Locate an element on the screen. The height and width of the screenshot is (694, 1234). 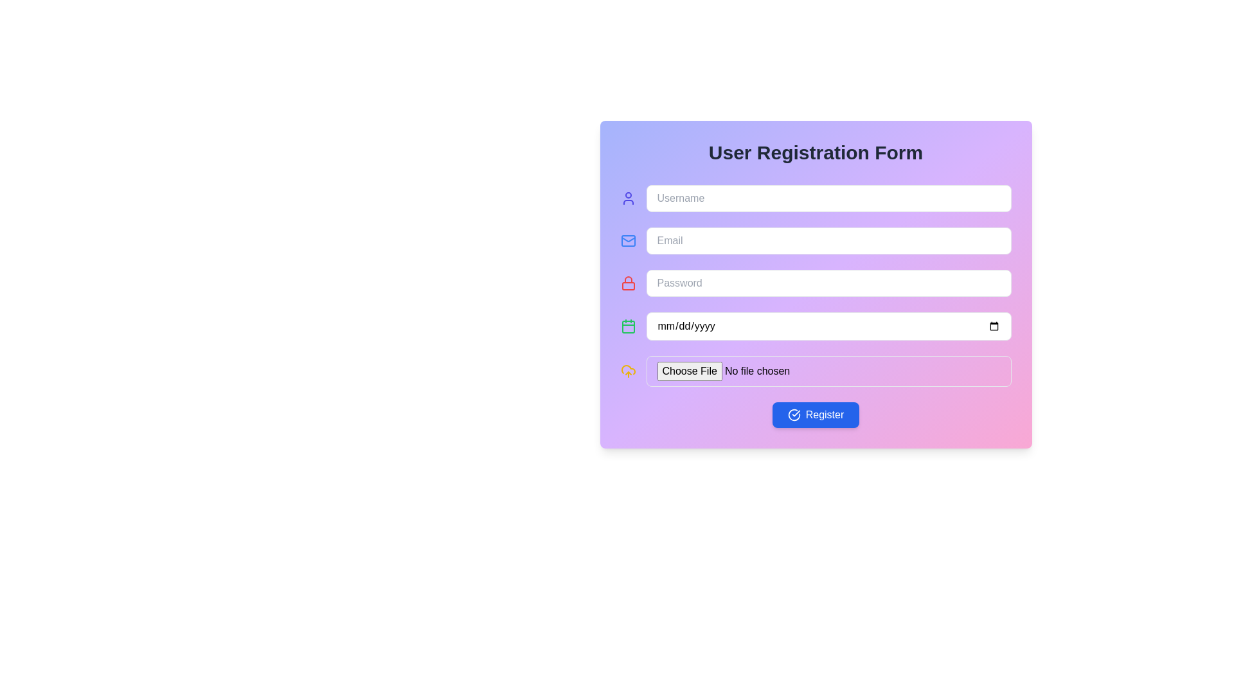
the submit button located at the bottom of the registration form is located at coordinates (815, 414).